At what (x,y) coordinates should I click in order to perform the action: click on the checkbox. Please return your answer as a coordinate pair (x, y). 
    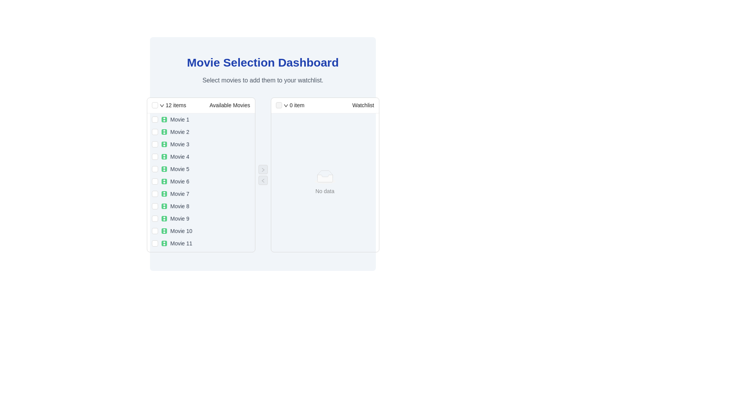
    Looking at the image, I should click on (155, 119).